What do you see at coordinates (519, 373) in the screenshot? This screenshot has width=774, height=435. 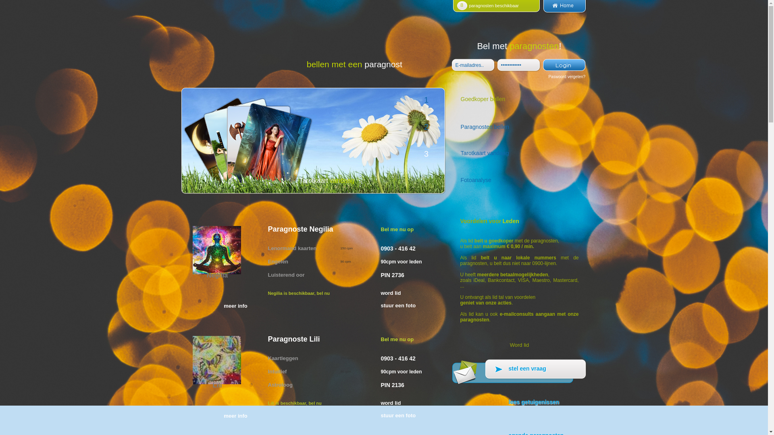 I see `'stel een vraag'` at bounding box center [519, 373].